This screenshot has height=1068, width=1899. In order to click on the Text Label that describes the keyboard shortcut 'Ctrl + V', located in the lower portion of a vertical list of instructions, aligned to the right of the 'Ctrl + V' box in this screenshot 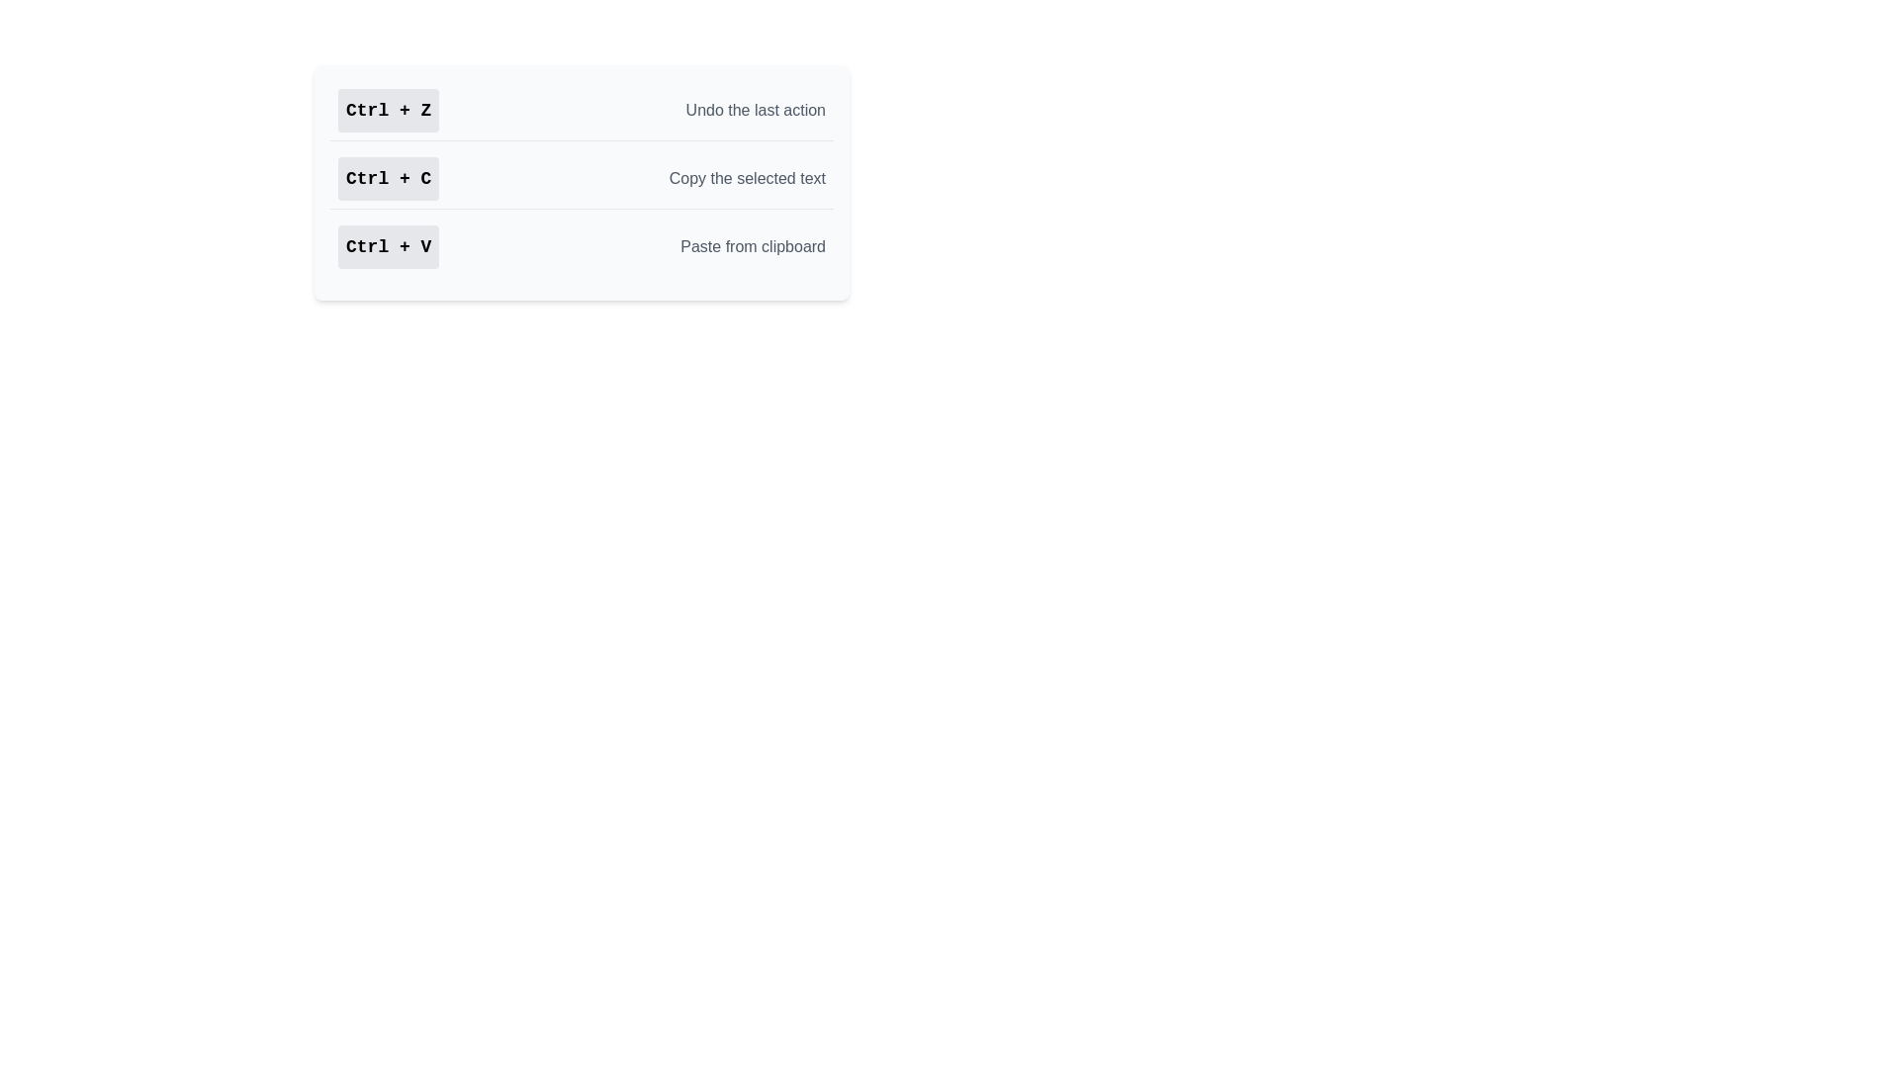, I will do `click(752, 246)`.